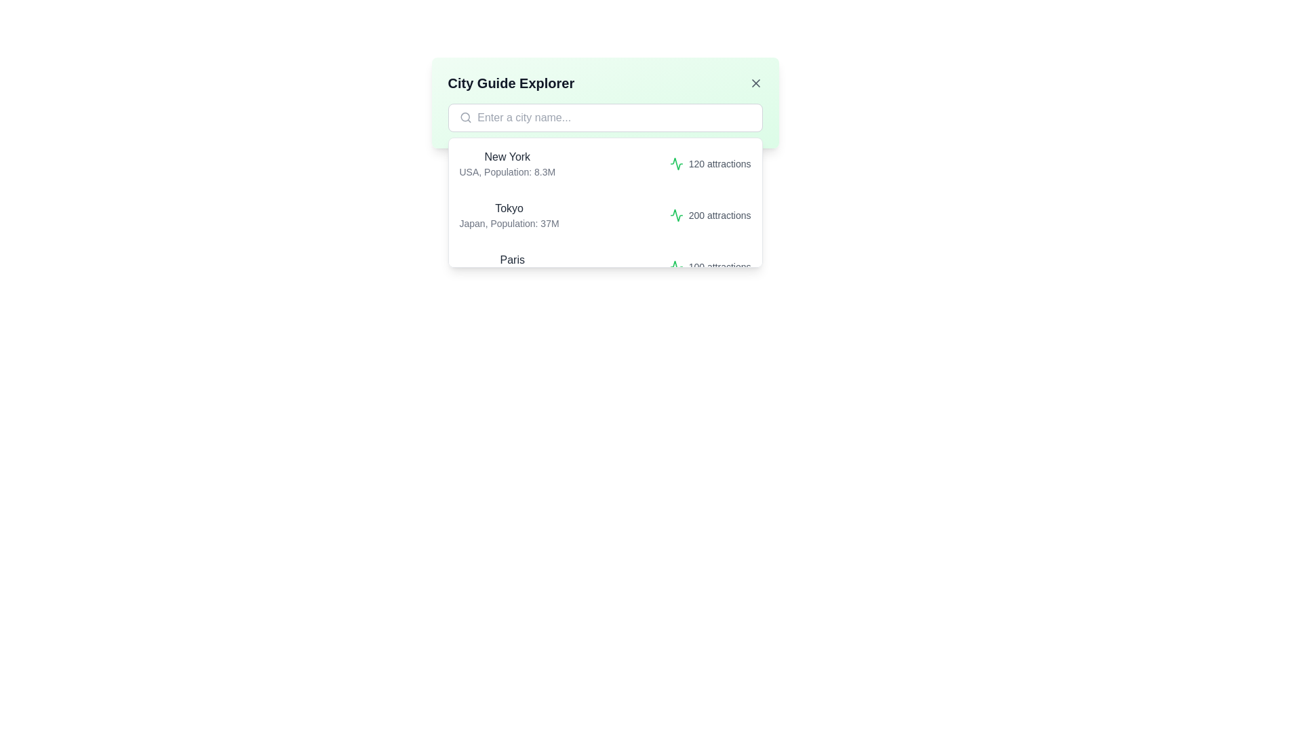 The image size is (1302, 732). Describe the element at coordinates (676, 163) in the screenshot. I see `the icon representing activity or attraction metrics for the city of New York, located to the left of the text '120 attractions'` at that location.